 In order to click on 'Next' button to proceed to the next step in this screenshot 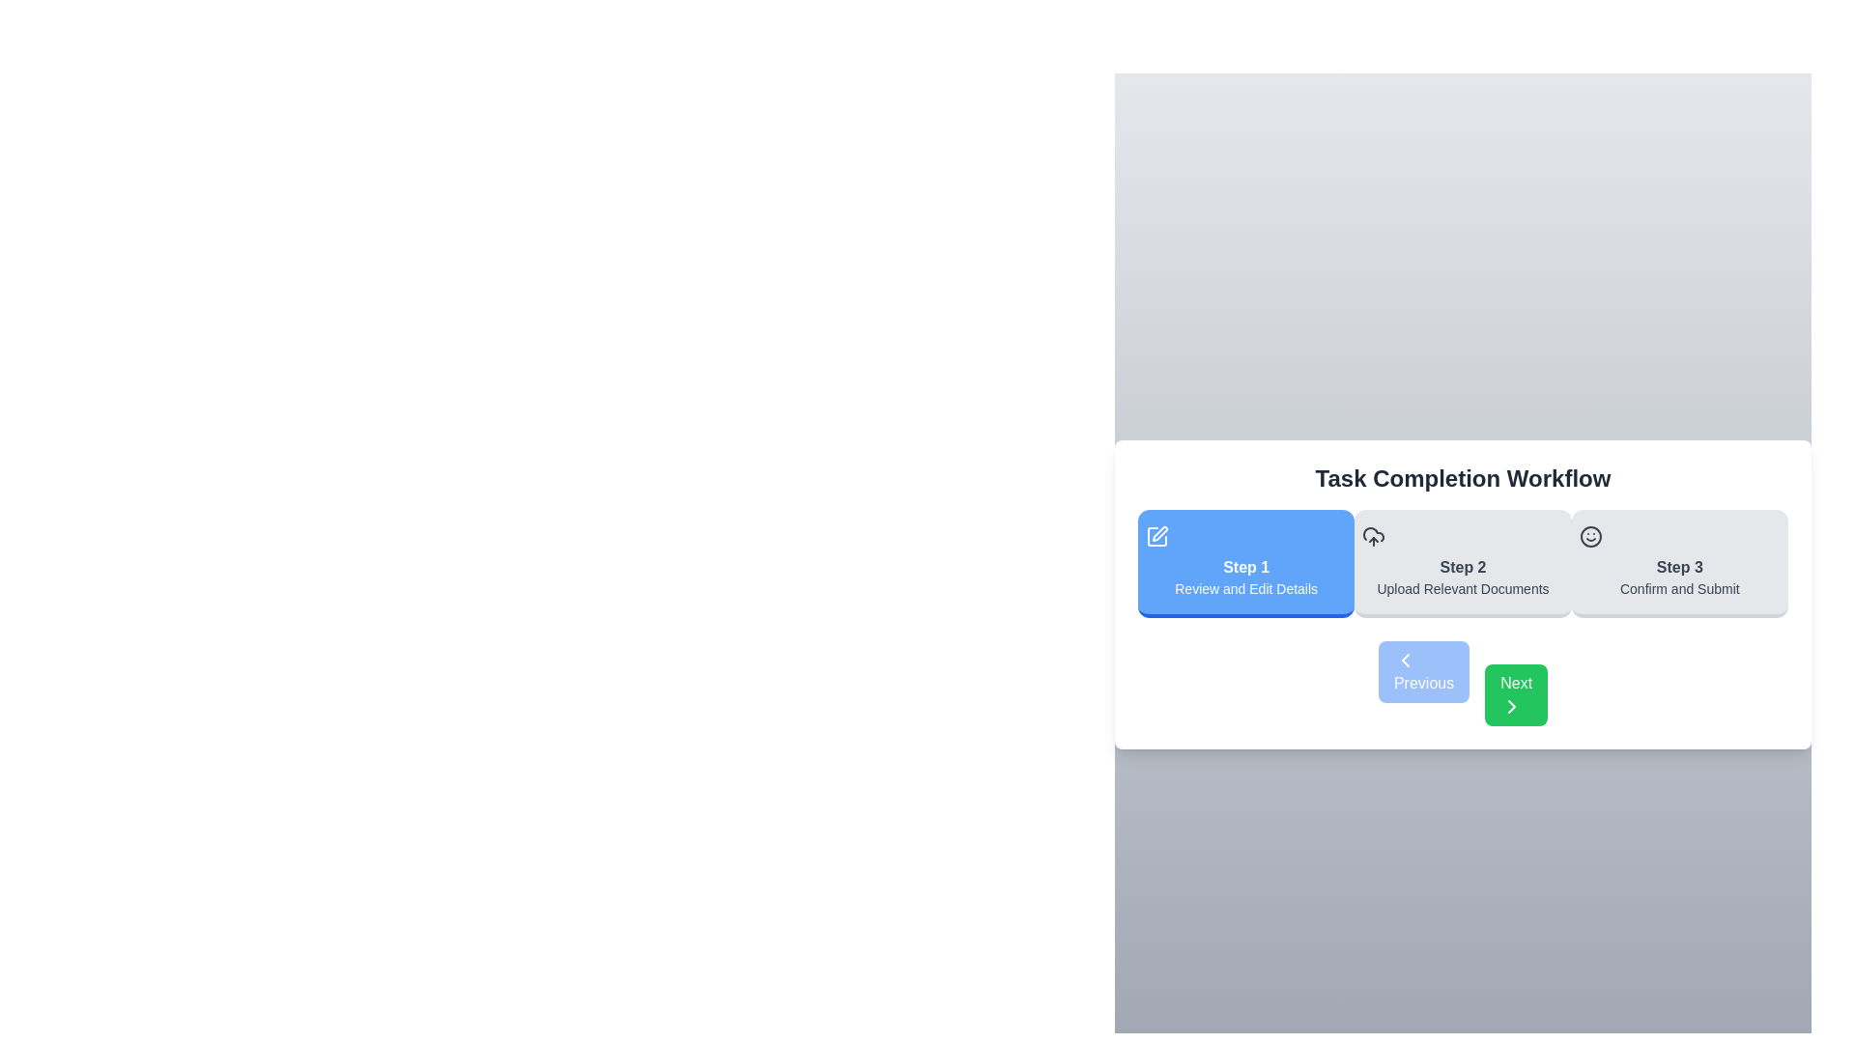, I will do `click(1515, 695)`.